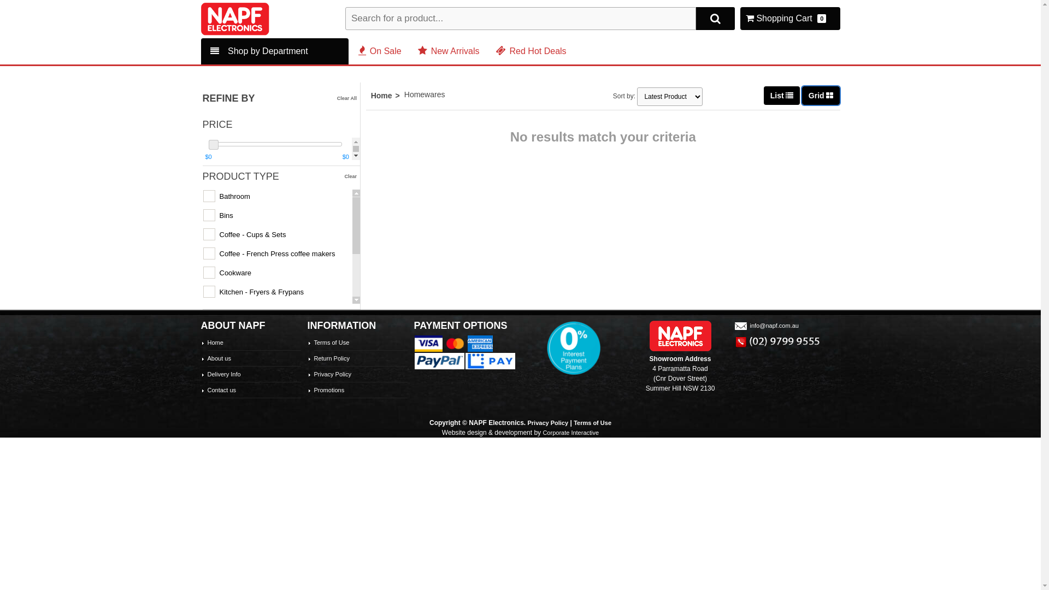  What do you see at coordinates (548, 422) in the screenshot?
I see `'Privacy Policy'` at bounding box center [548, 422].